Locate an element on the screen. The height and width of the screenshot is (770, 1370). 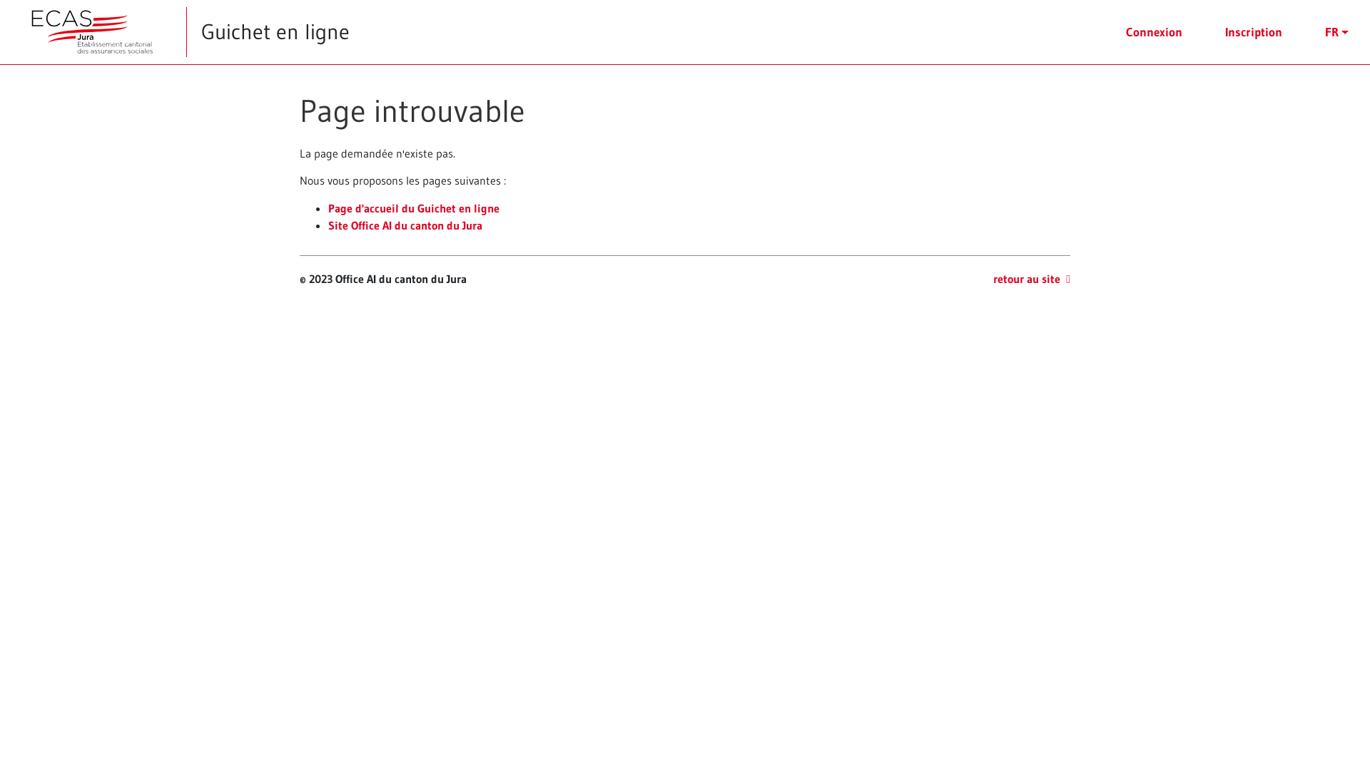
'retour au site' is located at coordinates (1031, 278).